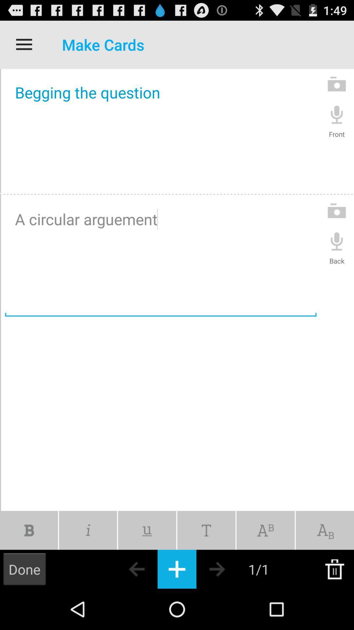 The image size is (354, 630). I want to click on dictate, so click(337, 241).